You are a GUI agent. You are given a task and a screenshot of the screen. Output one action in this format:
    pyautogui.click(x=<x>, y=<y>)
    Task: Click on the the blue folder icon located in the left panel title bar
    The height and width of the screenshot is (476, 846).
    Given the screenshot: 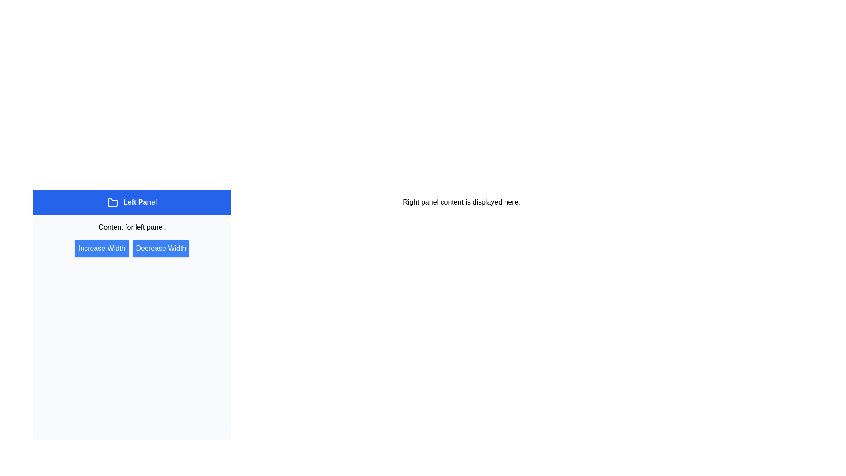 What is the action you would take?
    pyautogui.click(x=112, y=202)
    